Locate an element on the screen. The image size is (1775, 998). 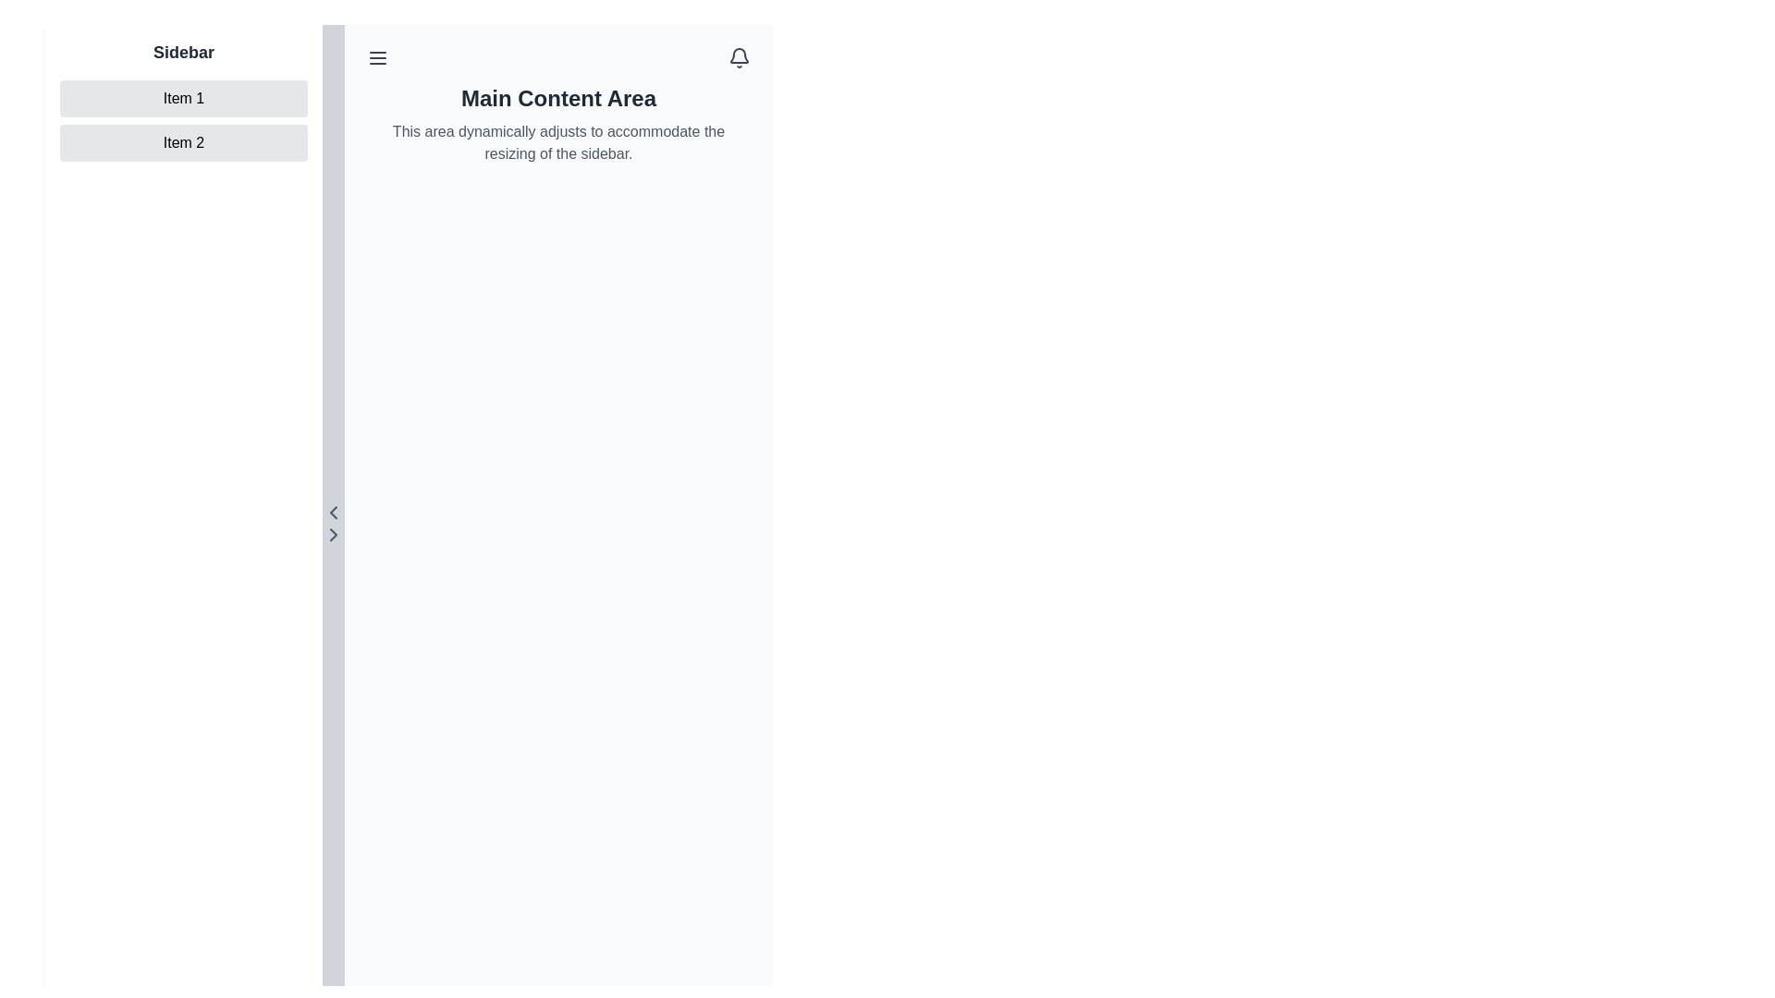
the 'Sidebar' text label, which is styled with a larger font size and bold weight, located at the top center of the sidebar layout area is located at coordinates (183, 52).